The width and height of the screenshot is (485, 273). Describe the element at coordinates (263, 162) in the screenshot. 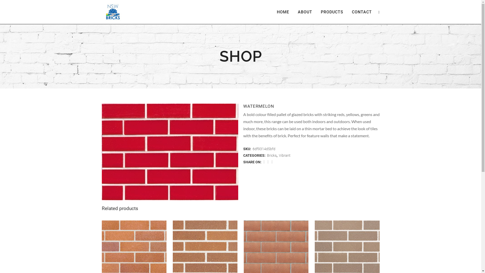

I see `'Share on Facebook'` at that location.